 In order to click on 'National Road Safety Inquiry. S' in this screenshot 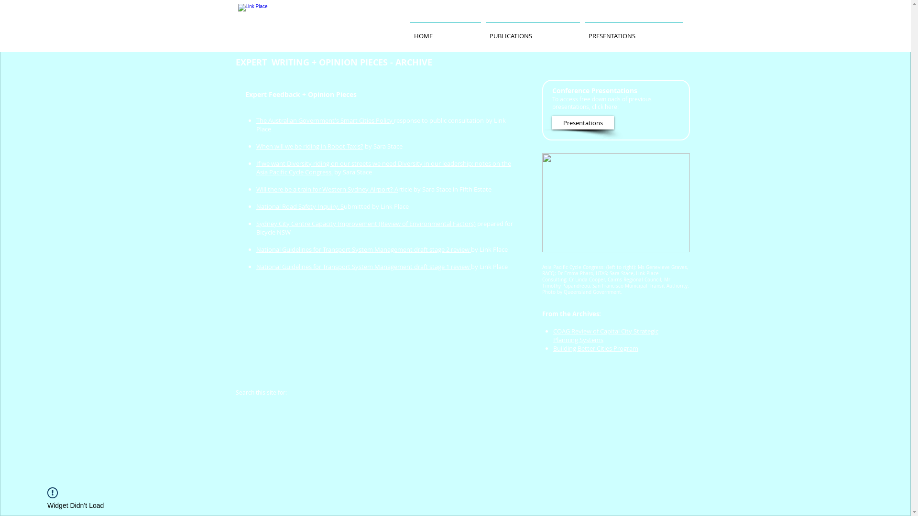, I will do `click(299, 206)`.